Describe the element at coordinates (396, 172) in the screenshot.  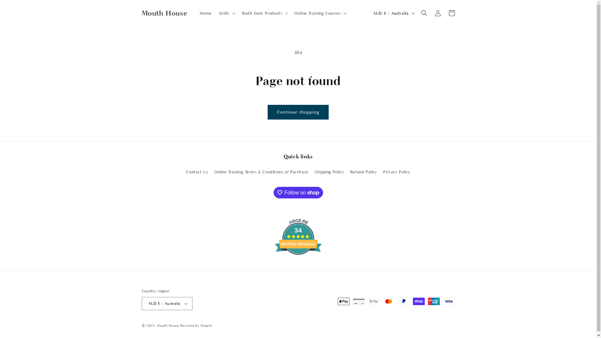
I see `'Privacy Policy'` at that location.